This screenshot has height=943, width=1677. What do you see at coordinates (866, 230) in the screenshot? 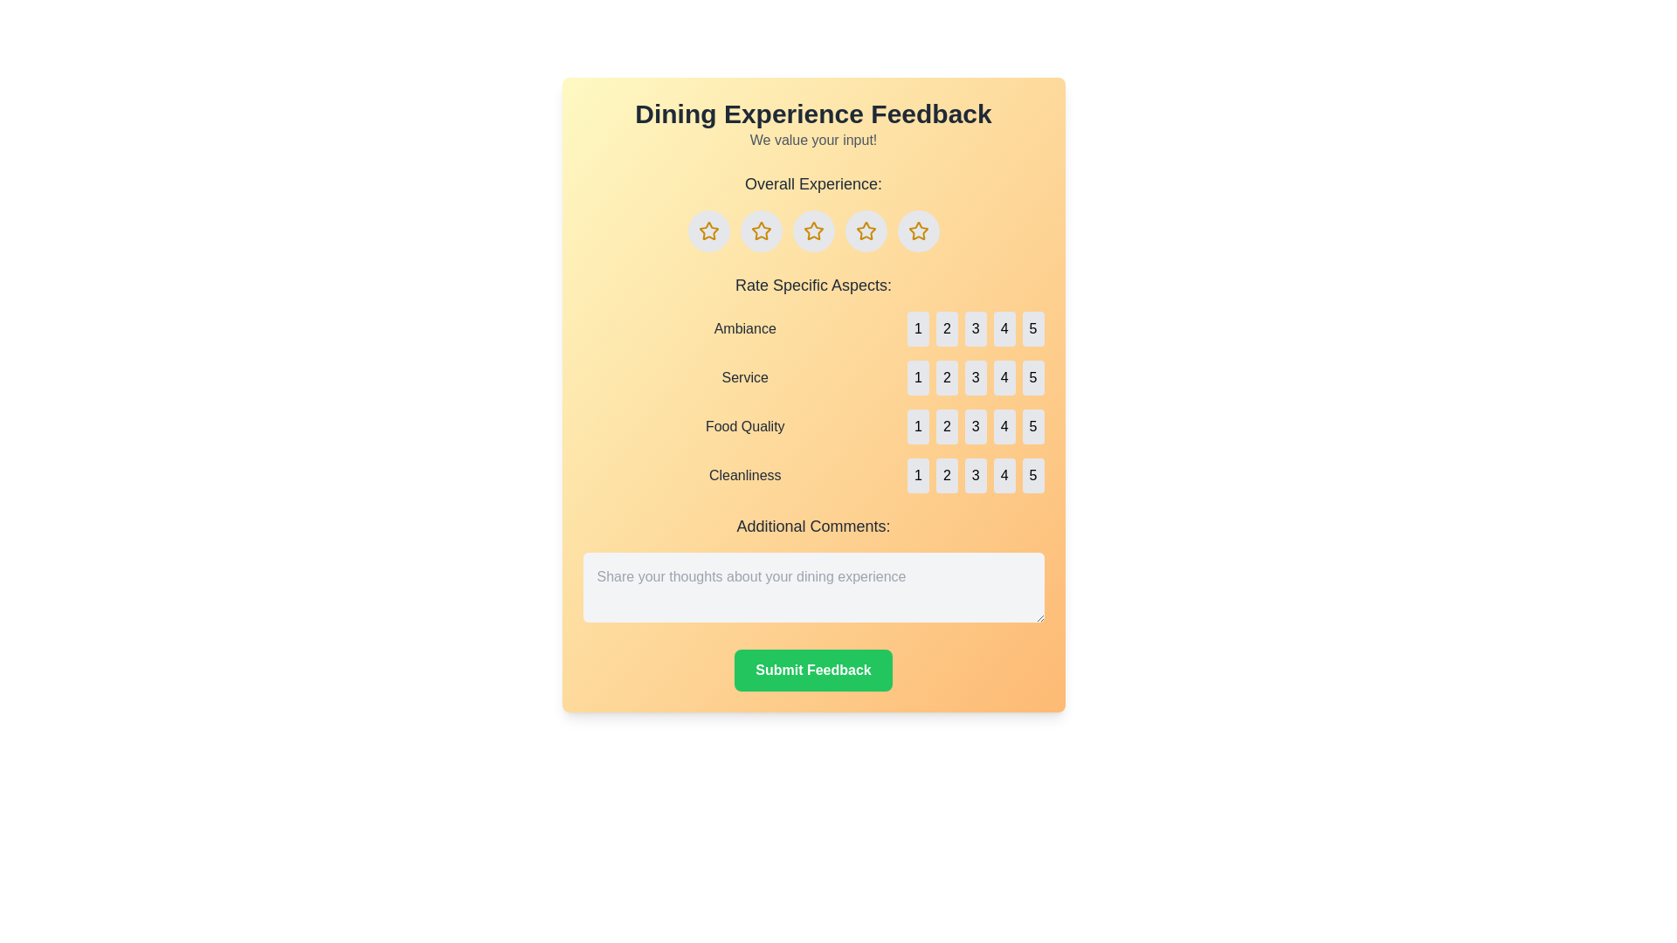
I see `on the fourth star-shaped icon in the star rating system under the 'Overall Experience' label` at bounding box center [866, 230].